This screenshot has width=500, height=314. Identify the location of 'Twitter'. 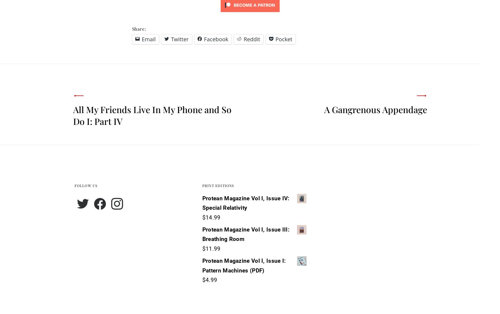
(179, 38).